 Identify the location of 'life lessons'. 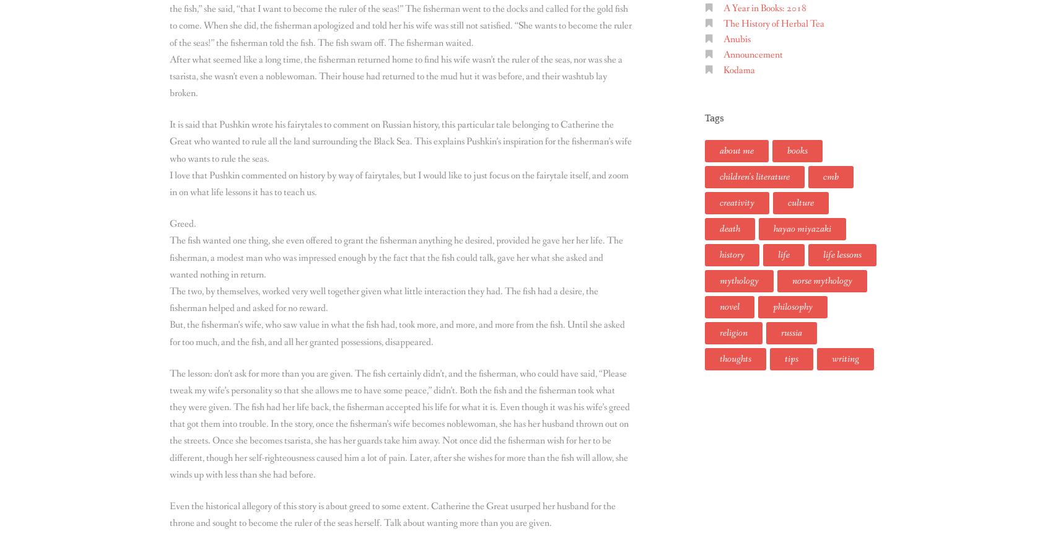
(842, 254).